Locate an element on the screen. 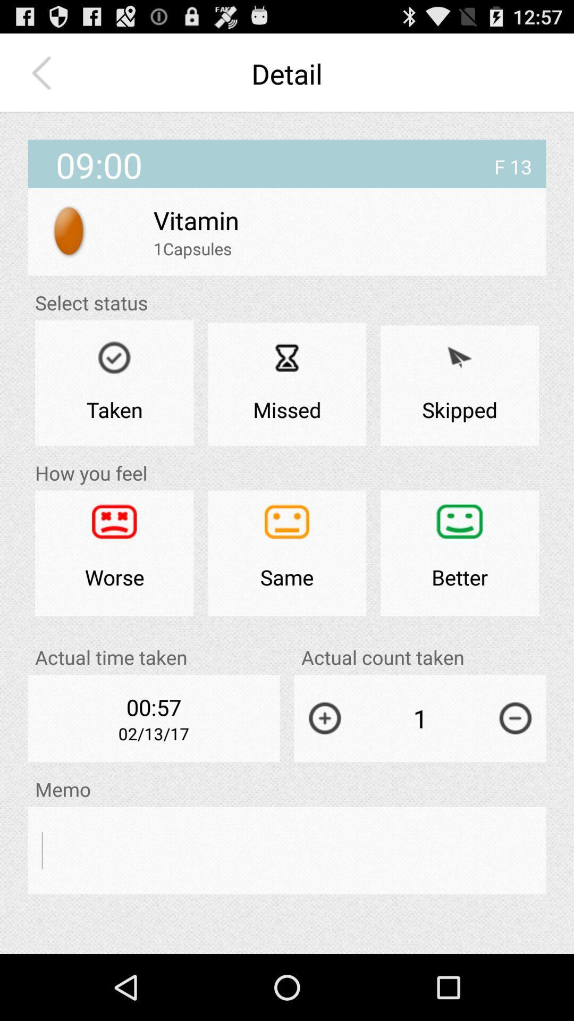  the icon next to the same is located at coordinates (459, 553).